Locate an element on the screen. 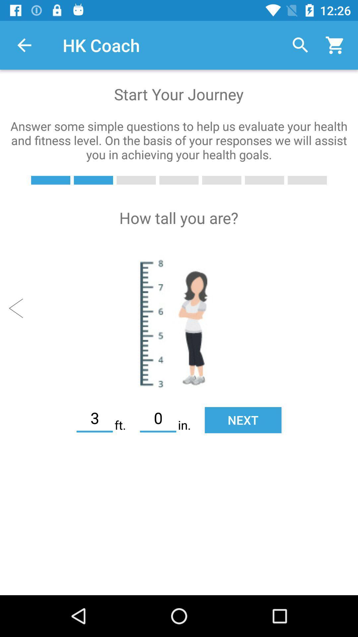 The height and width of the screenshot is (637, 358). previous page is located at coordinates (19, 308).